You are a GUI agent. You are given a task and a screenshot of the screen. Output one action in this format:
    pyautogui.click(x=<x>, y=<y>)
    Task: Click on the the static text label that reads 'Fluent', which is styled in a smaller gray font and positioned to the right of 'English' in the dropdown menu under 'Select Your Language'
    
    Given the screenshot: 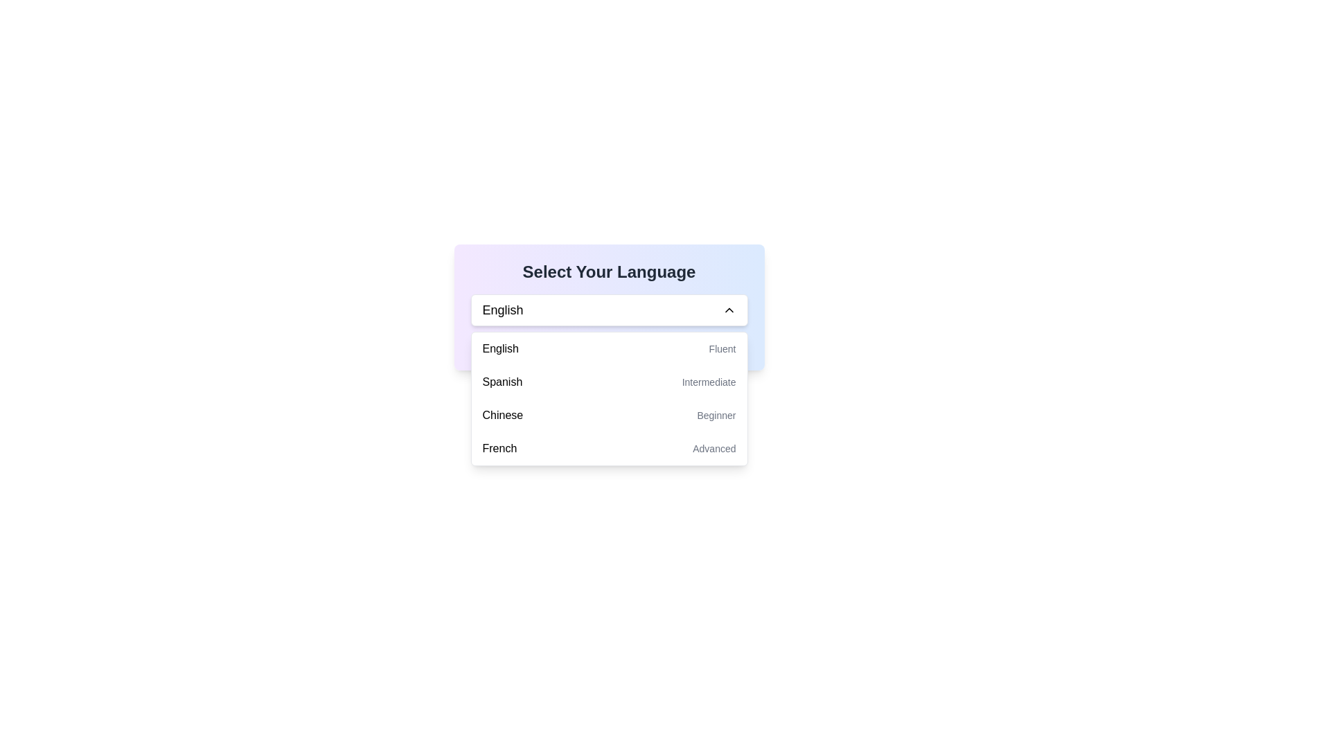 What is the action you would take?
    pyautogui.click(x=722, y=348)
    